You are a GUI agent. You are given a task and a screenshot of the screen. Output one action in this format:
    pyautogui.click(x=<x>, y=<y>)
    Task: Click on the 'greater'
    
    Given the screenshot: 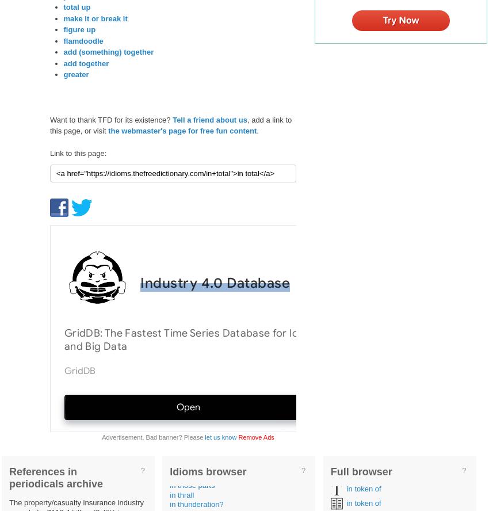 What is the action you would take?
    pyautogui.click(x=76, y=74)
    